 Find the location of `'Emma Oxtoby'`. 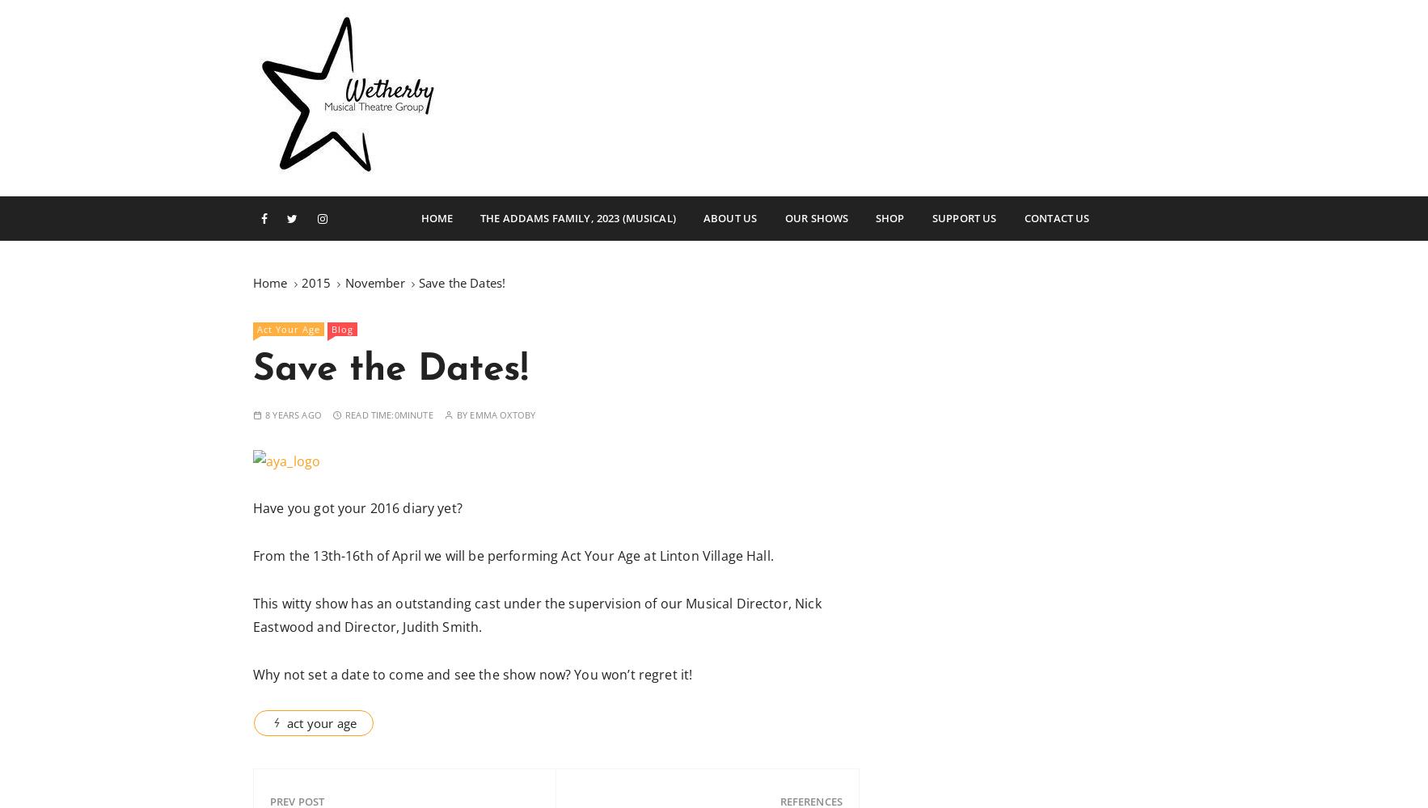

'Emma Oxtoby' is located at coordinates (502, 414).